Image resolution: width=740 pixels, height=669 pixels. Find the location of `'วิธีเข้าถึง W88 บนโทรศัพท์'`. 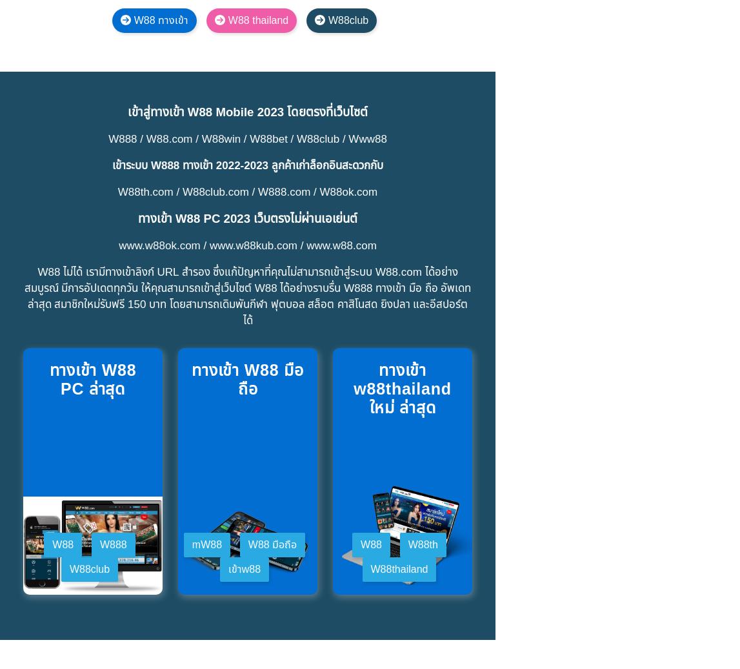

'วิธีเข้าถึง W88 บนโทรศัพท์' is located at coordinates (121, 608).